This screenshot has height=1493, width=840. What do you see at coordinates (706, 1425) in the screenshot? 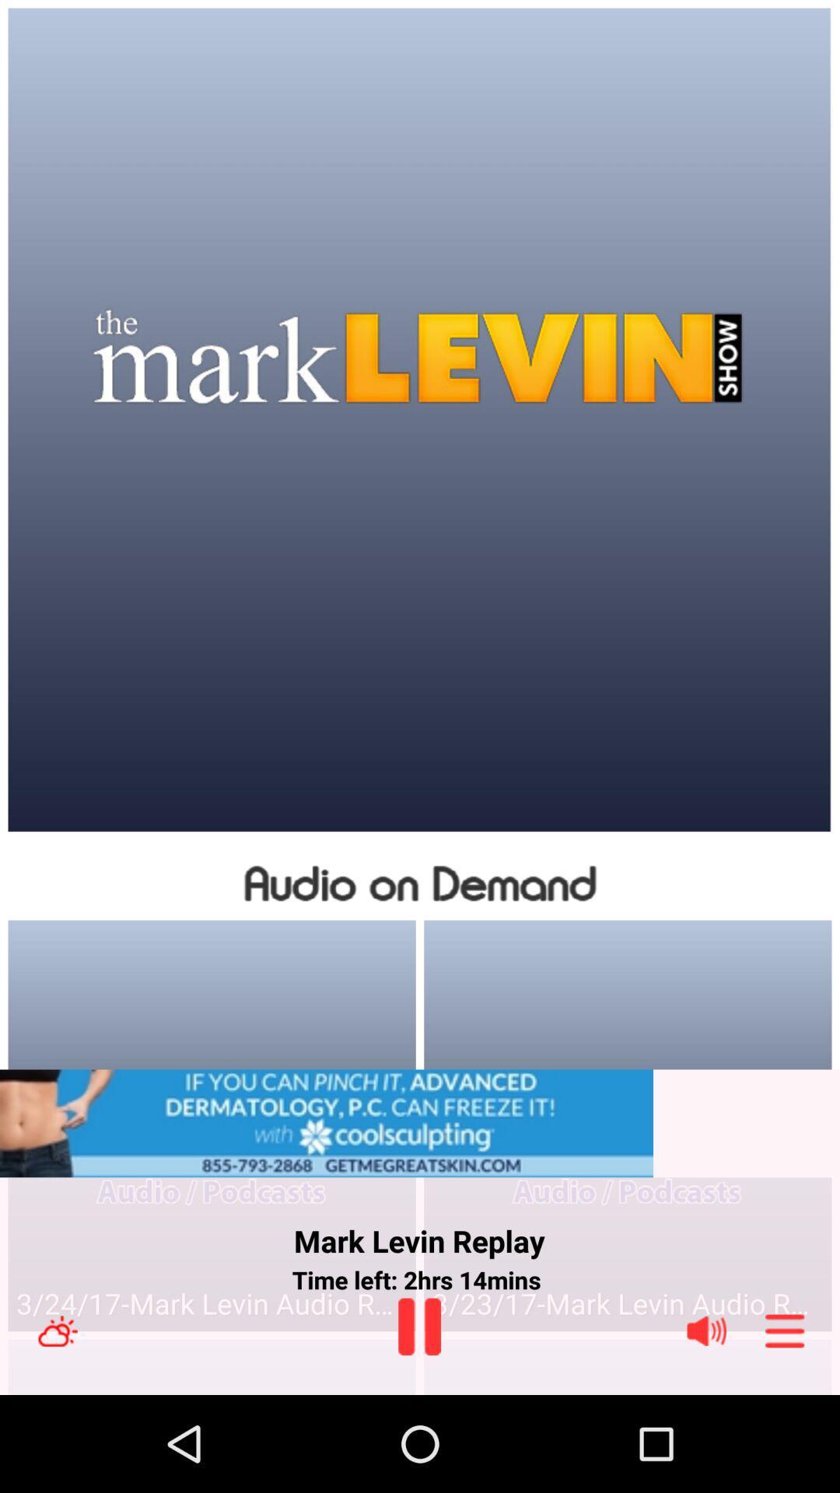
I see `the volume icon` at bounding box center [706, 1425].